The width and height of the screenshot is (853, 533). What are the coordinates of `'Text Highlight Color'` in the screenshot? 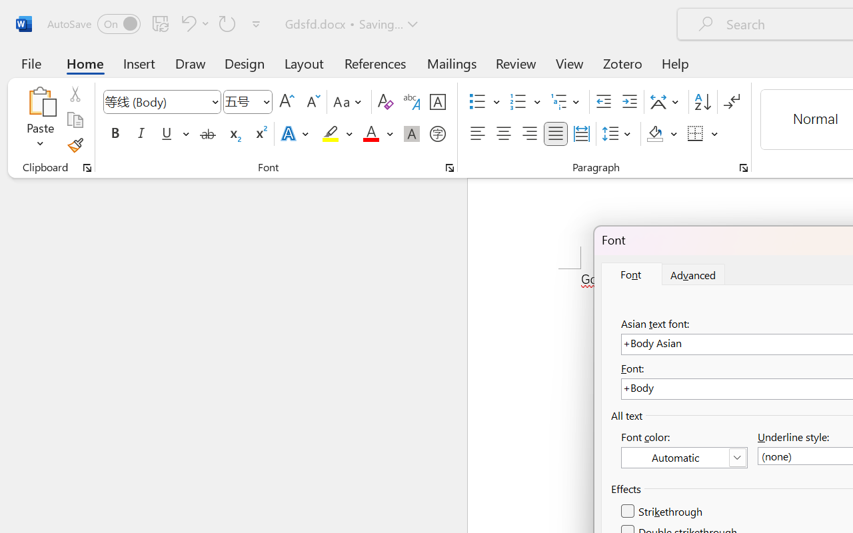 It's located at (337, 134).